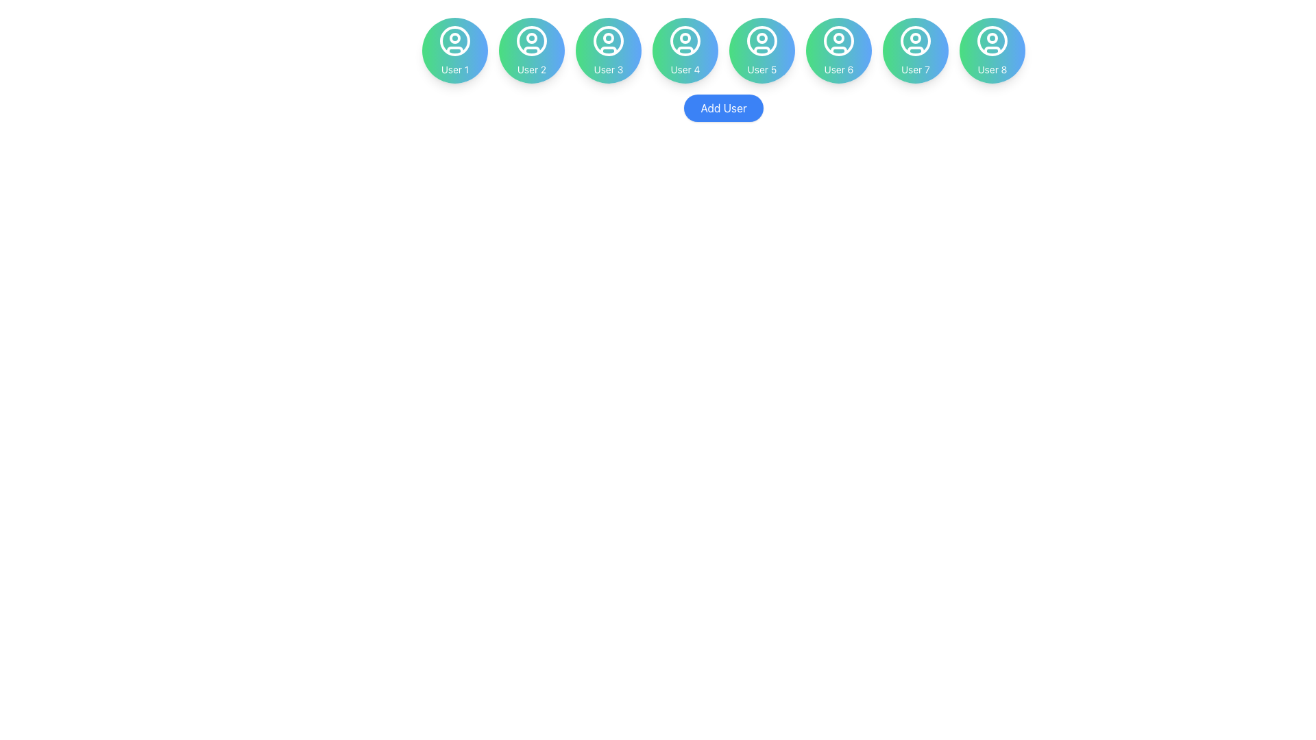 The height and width of the screenshot is (740, 1316). I want to click on the Profile Button, which is a circular button with a gradient background from green to blue, featuring a white user icon and the text 'User 6' below it, positioned sixth in a group of eight user buttons, so click(838, 49).